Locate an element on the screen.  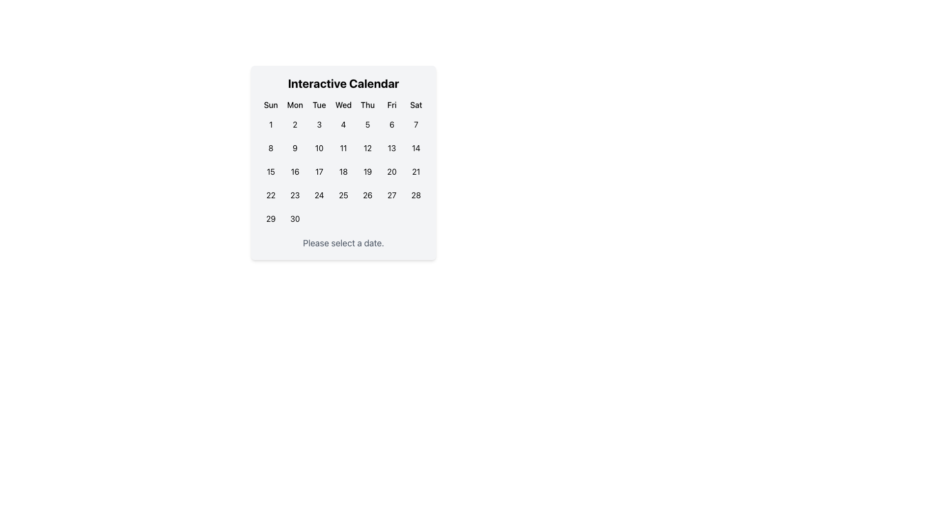
the calendar day component displaying the digit '7' is located at coordinates (416, 124).